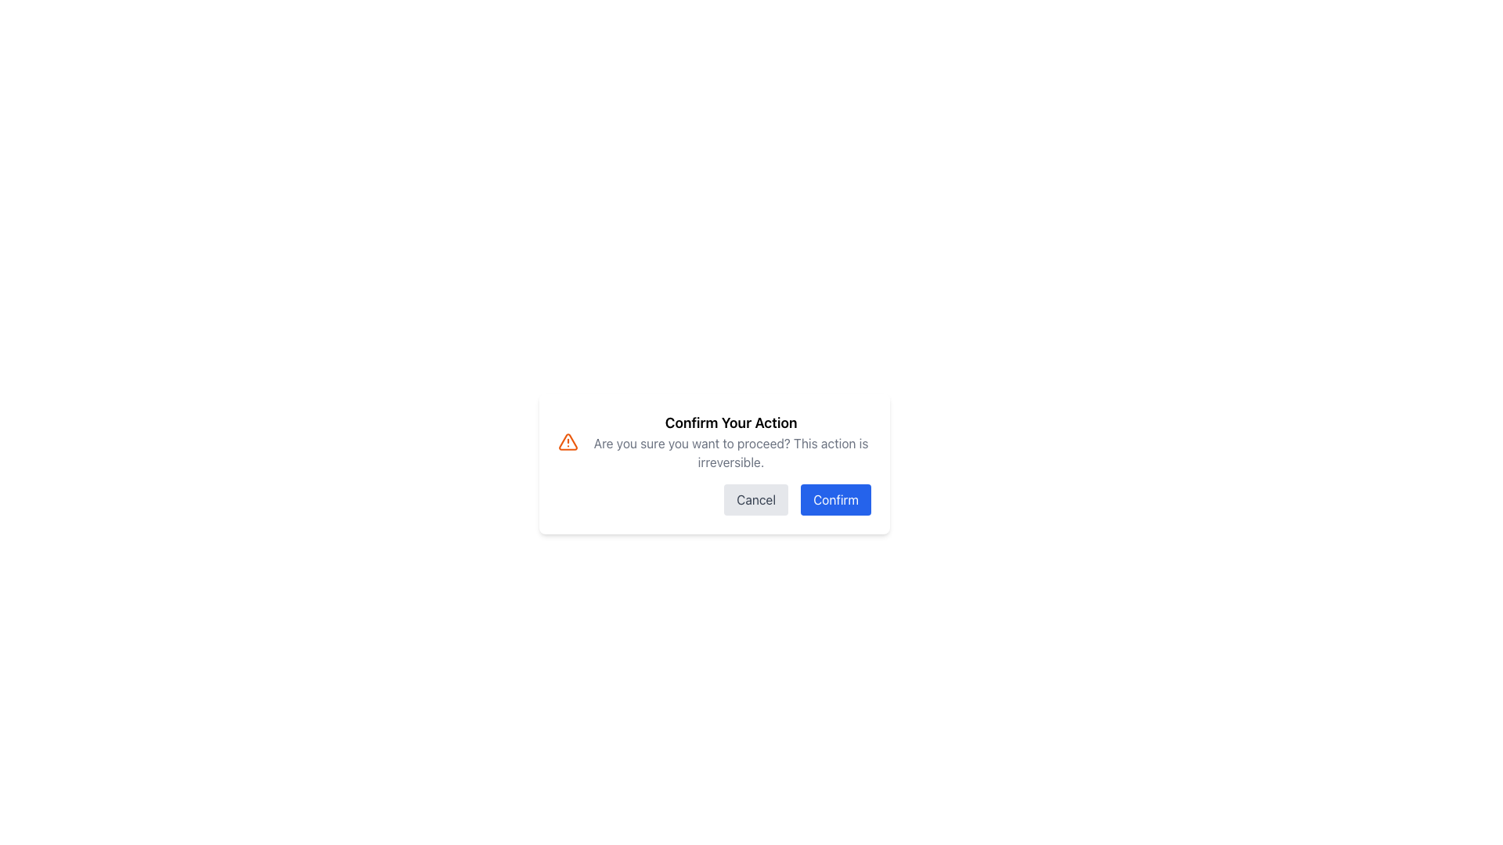 The image size is (1503, 845). Describe the element at coordinates (567, 441) in the screenshot. I see `the warning or alert icon in the dialog box that prompts the user to confirm a potentially irreversible action` at that location.